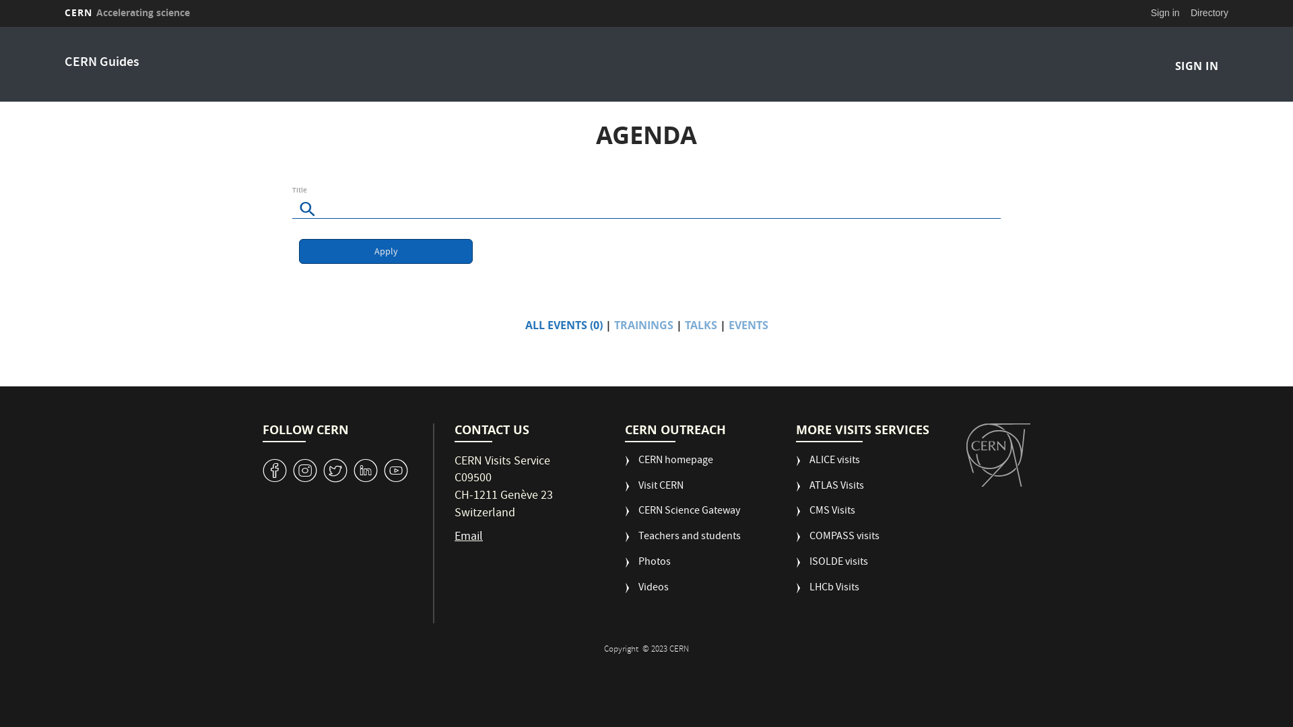 The height and width of the screenshot is (727, 1293). Describe the element at coordinates (646, 593) in the screenshot. I see `'Videos'` at that location.